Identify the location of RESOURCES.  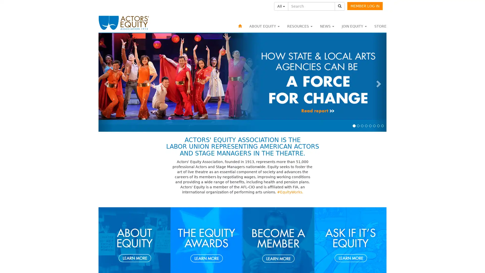
(300, 26).